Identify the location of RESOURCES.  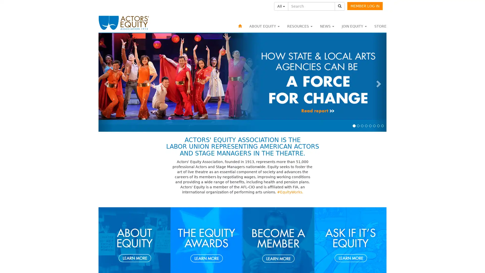
(300, 26).